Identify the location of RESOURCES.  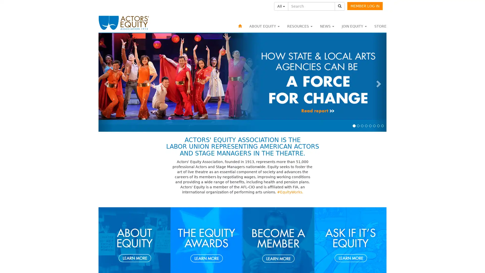
(300, 26).